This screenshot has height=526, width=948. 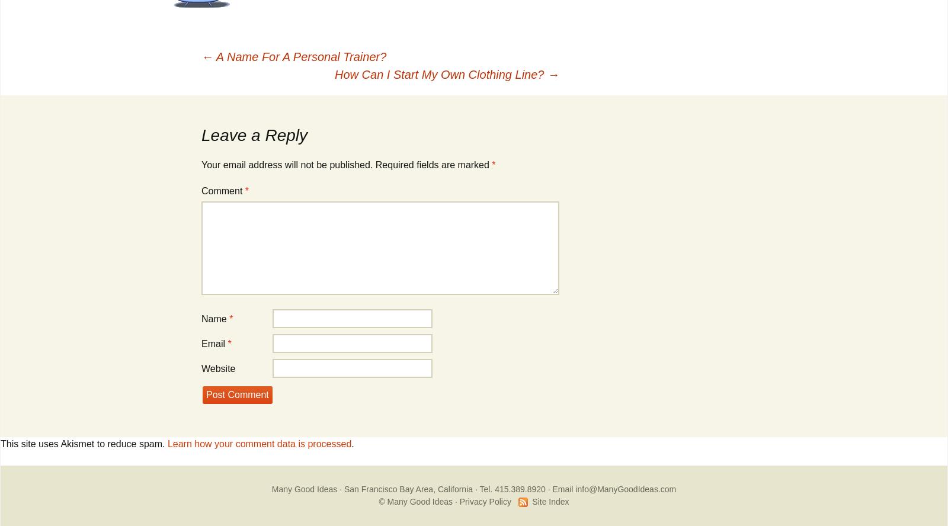 What do you see at coordinates (614, 489) in the screenshot?
I see `'Email info@ManyGoodIdeas.com'` at bounding box center [614, 489].